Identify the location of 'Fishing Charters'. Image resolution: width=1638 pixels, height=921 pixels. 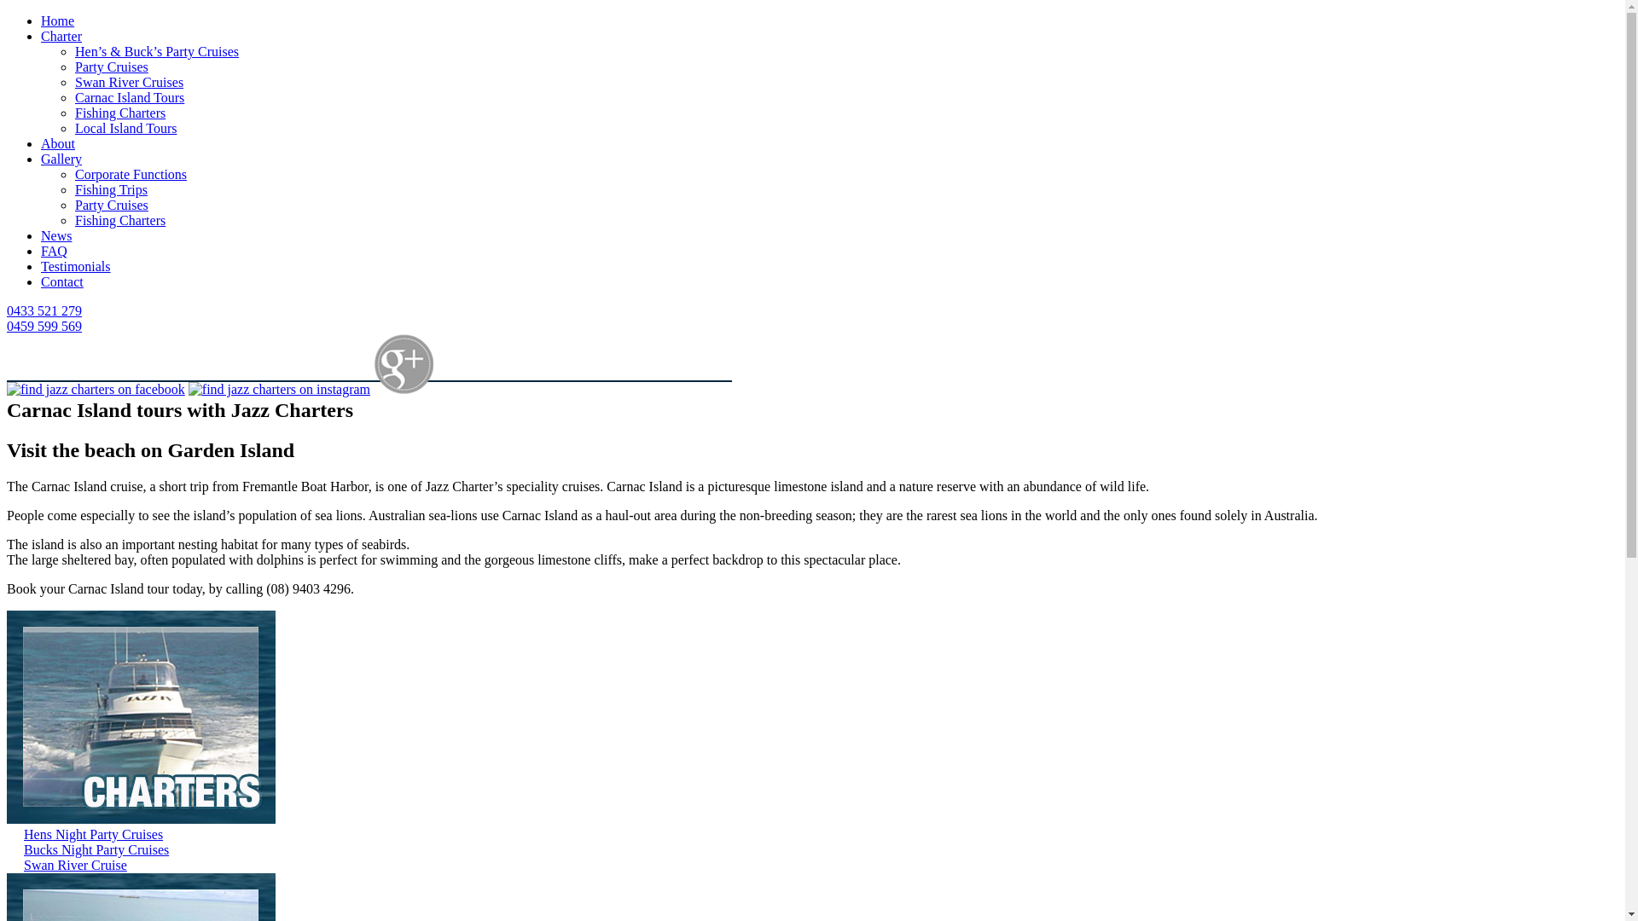
(73, 113).